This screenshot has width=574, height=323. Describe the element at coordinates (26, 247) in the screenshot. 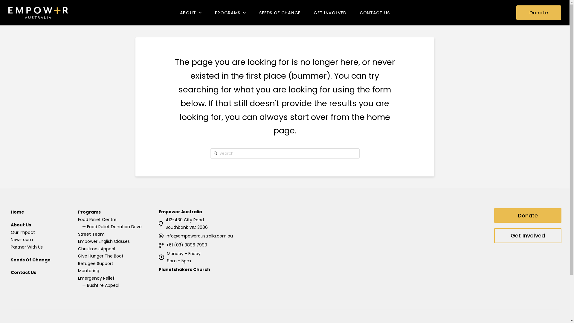

I see `'Partner With Us'` at that location.